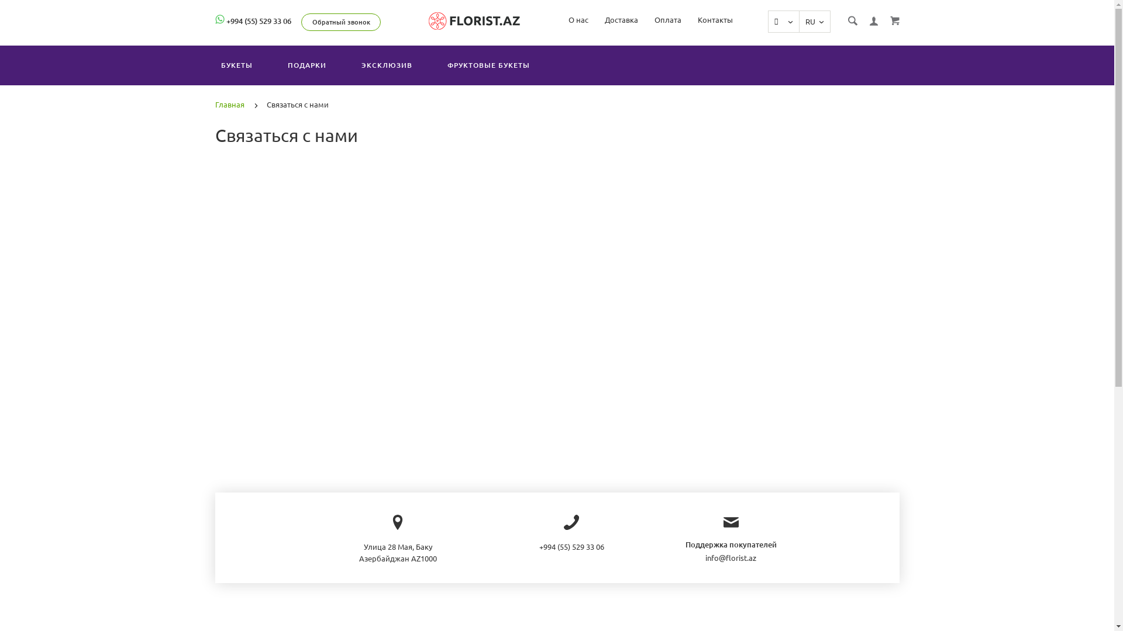 The width and height of the screenshot is (1123, 631). I want to click on '+994 (55) 529 33 06', so click(257, 20).